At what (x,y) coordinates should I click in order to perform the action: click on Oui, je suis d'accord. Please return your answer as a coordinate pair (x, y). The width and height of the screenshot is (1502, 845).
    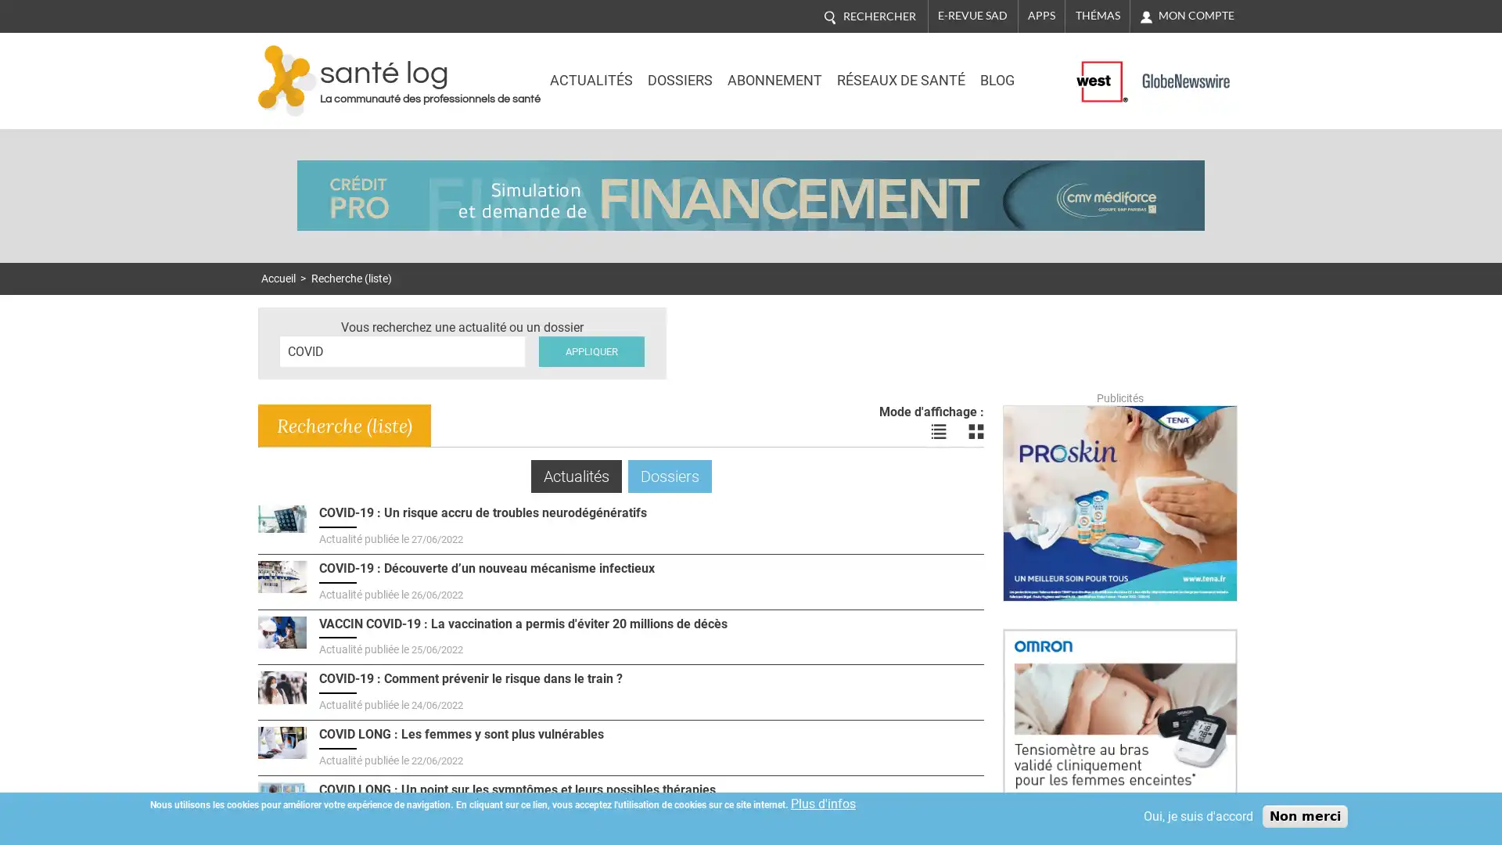
    Looking at the image, I should click on (1197, 815).